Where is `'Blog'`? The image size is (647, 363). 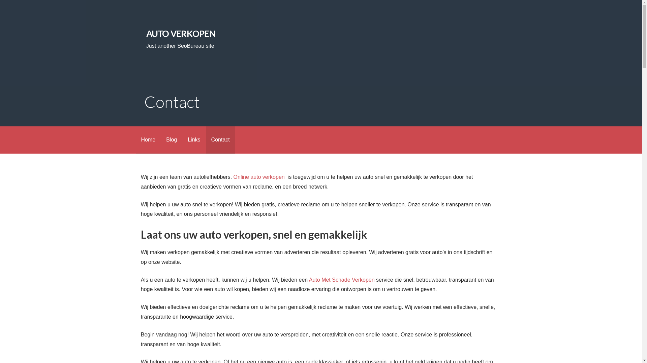 'Blog' is located at coordinates (171, 139).